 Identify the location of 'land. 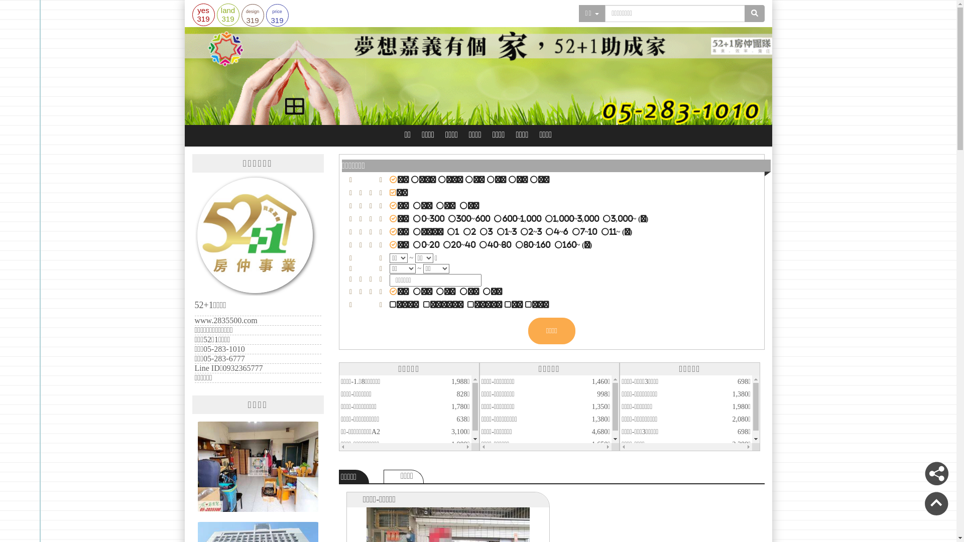
(227, 14).